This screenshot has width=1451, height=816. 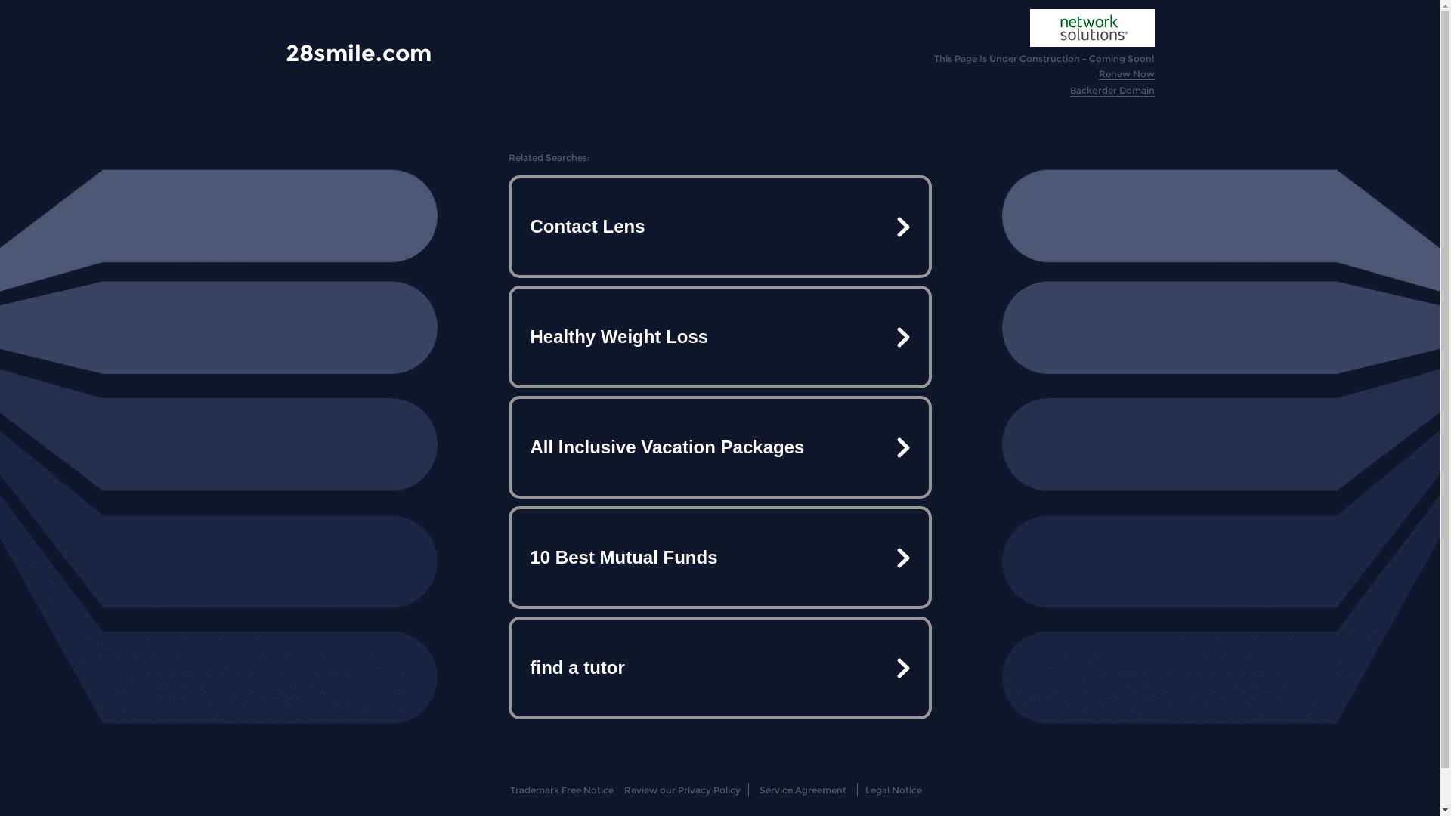 I want to click on 'Contact Lens', so click(x=718, y=227).